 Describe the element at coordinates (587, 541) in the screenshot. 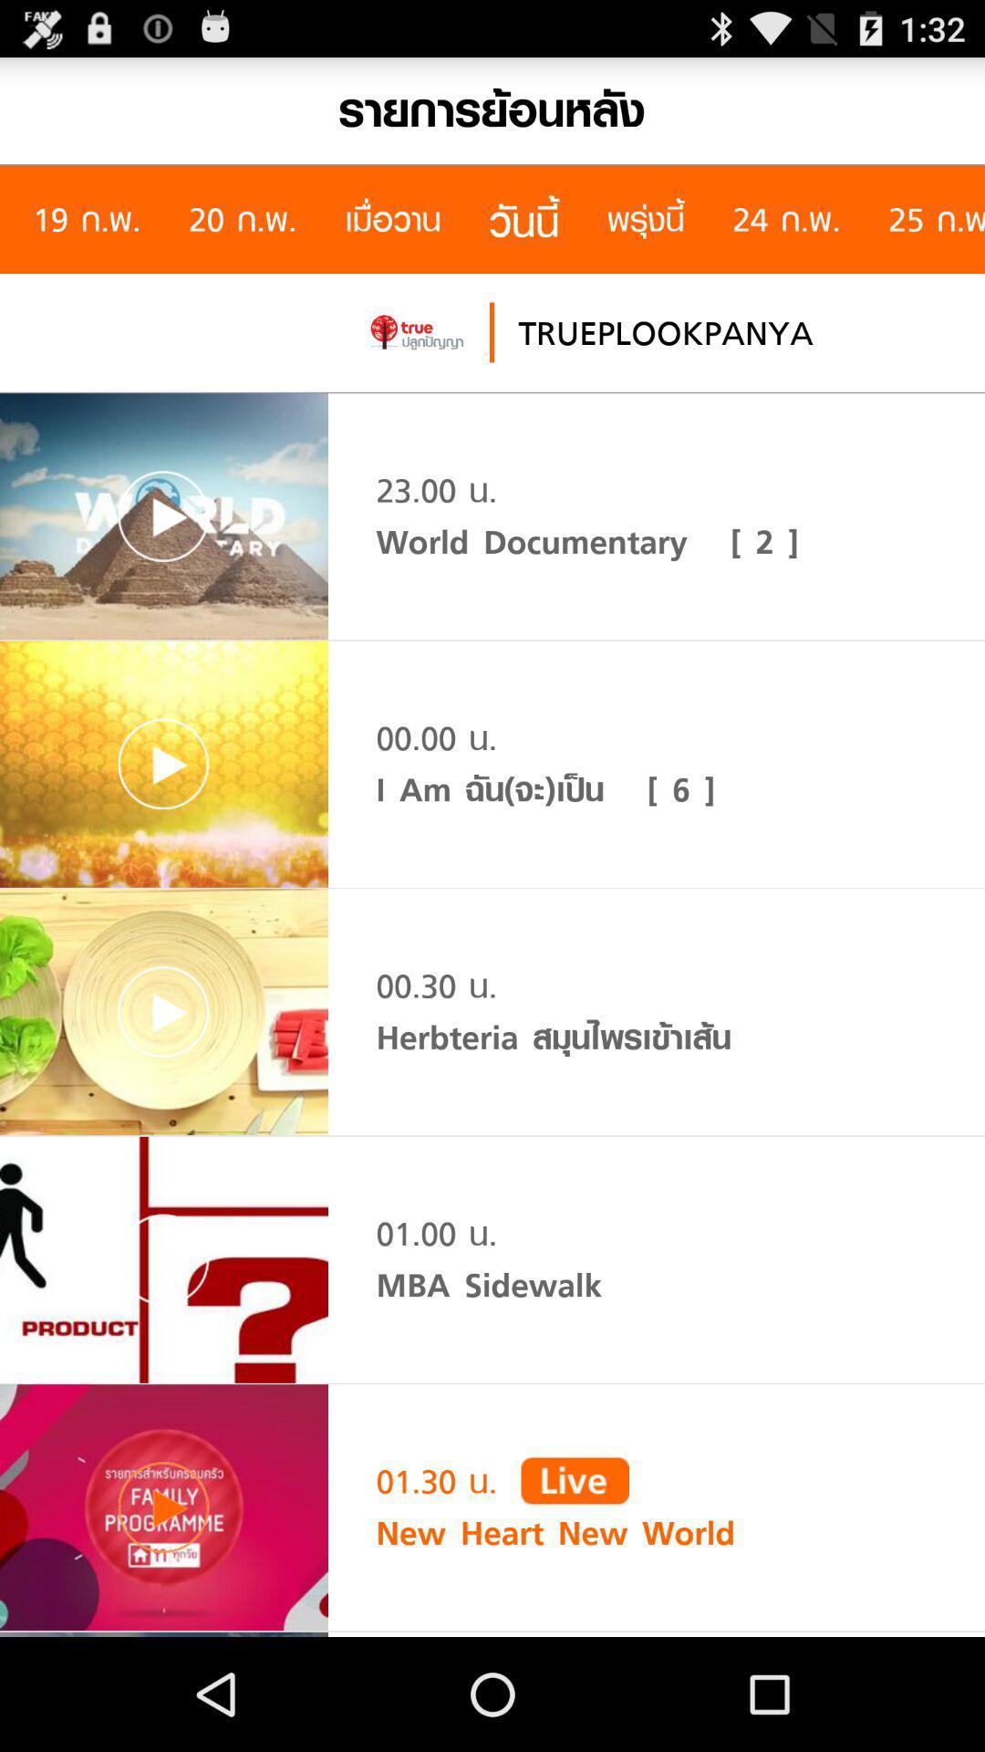

I see `world documentary   [ 2 ] icon` at that location.